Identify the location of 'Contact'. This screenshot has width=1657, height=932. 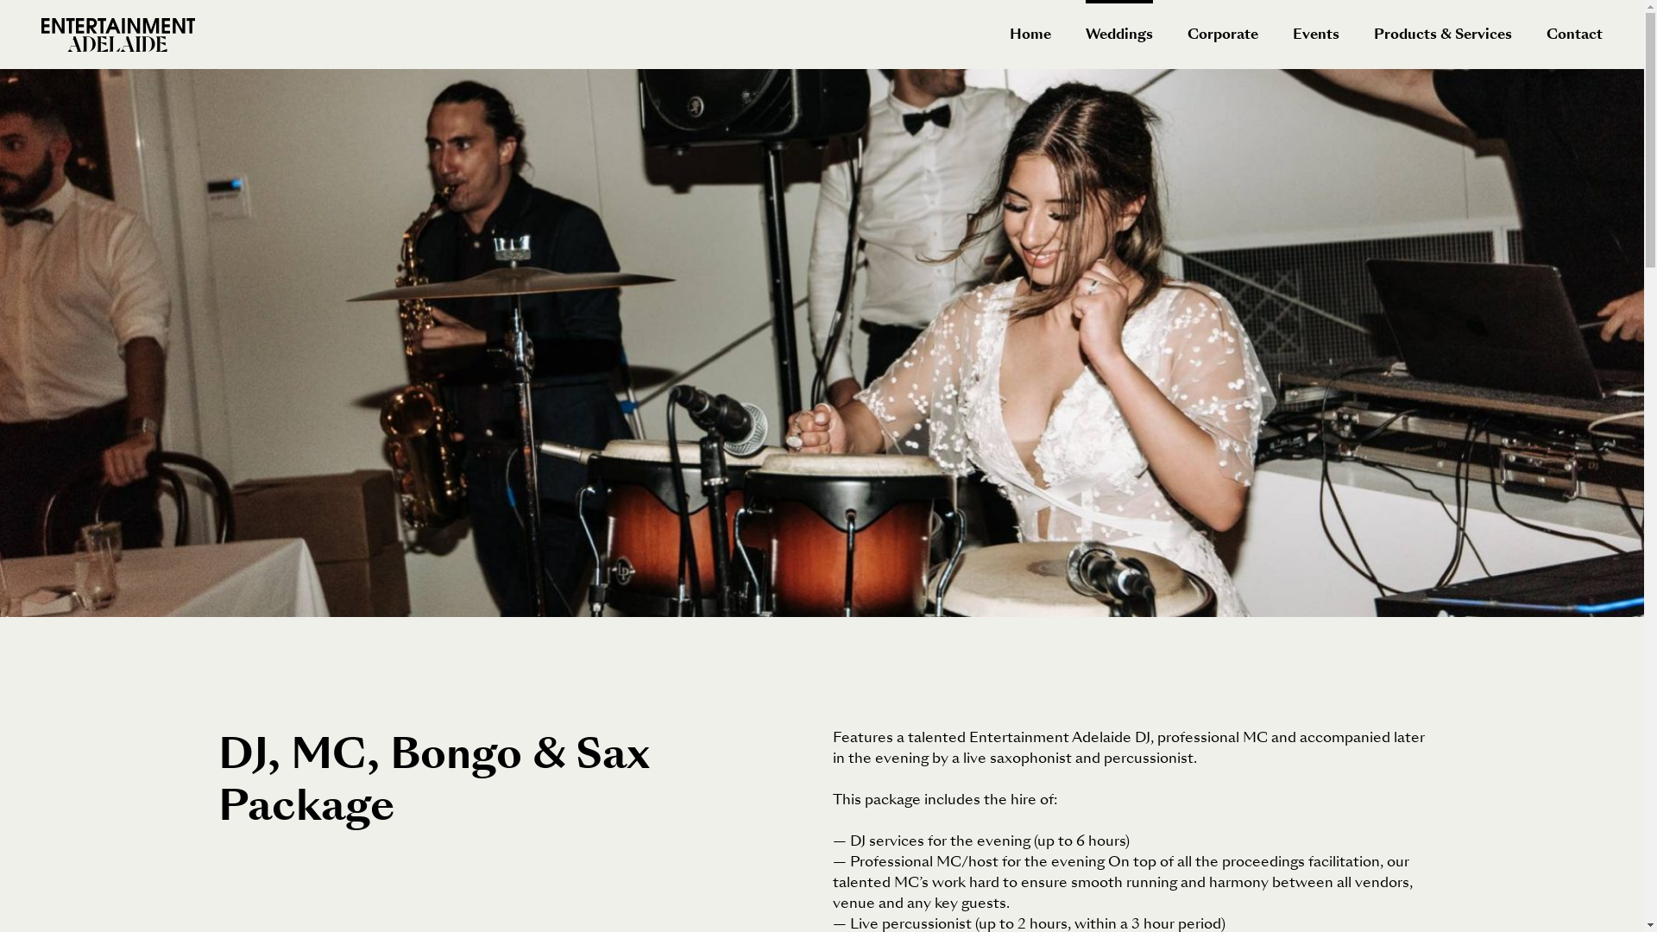
(1574, 34).